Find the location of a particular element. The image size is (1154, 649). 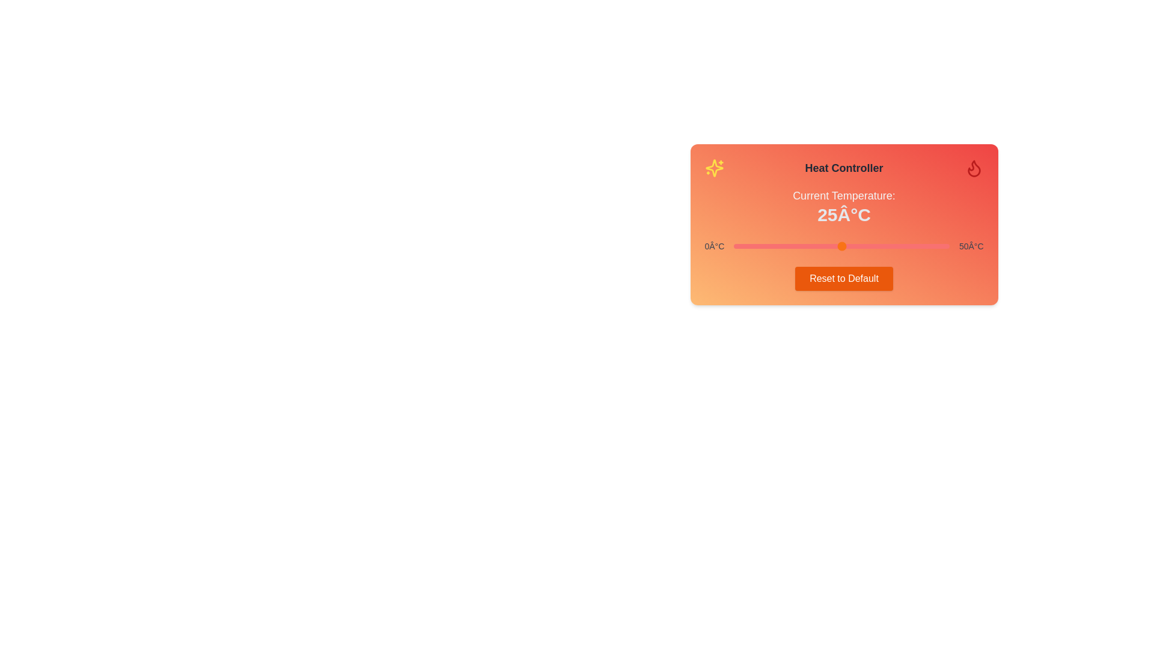

the temperature slider to set the temperature to 3°C is located at coordinates (746, 245).